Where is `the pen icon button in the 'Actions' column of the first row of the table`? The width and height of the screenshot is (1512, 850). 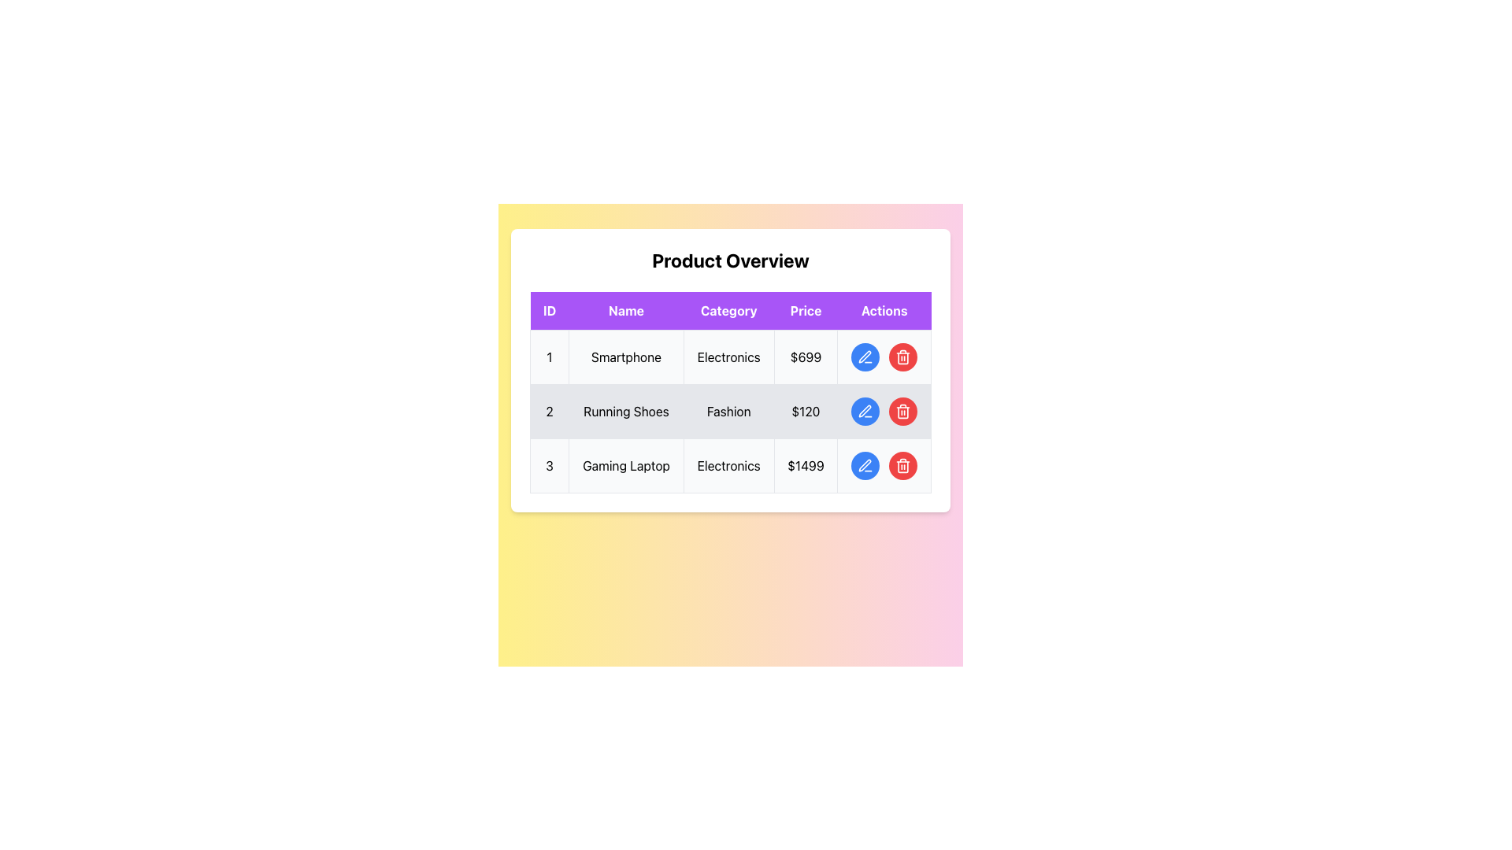
the pen icon button in the 'Actions' column of the first row of the table is located at coordinates (865, 464).